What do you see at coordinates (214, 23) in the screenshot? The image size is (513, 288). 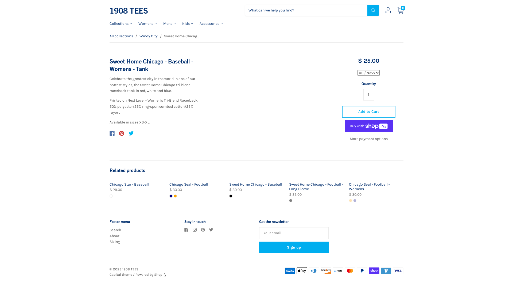 I see `'Accessories'` at bounding box center [214, 23].